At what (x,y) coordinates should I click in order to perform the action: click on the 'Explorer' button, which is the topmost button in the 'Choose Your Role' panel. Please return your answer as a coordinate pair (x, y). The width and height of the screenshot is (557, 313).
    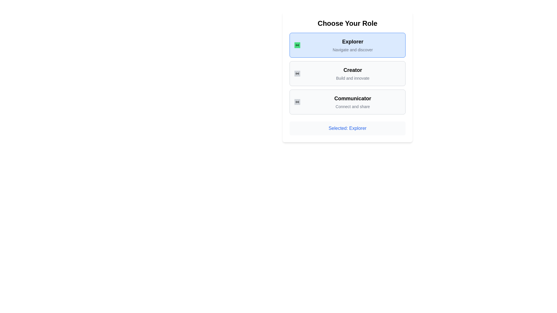
    Looking at the image, I should click on (348, 45).